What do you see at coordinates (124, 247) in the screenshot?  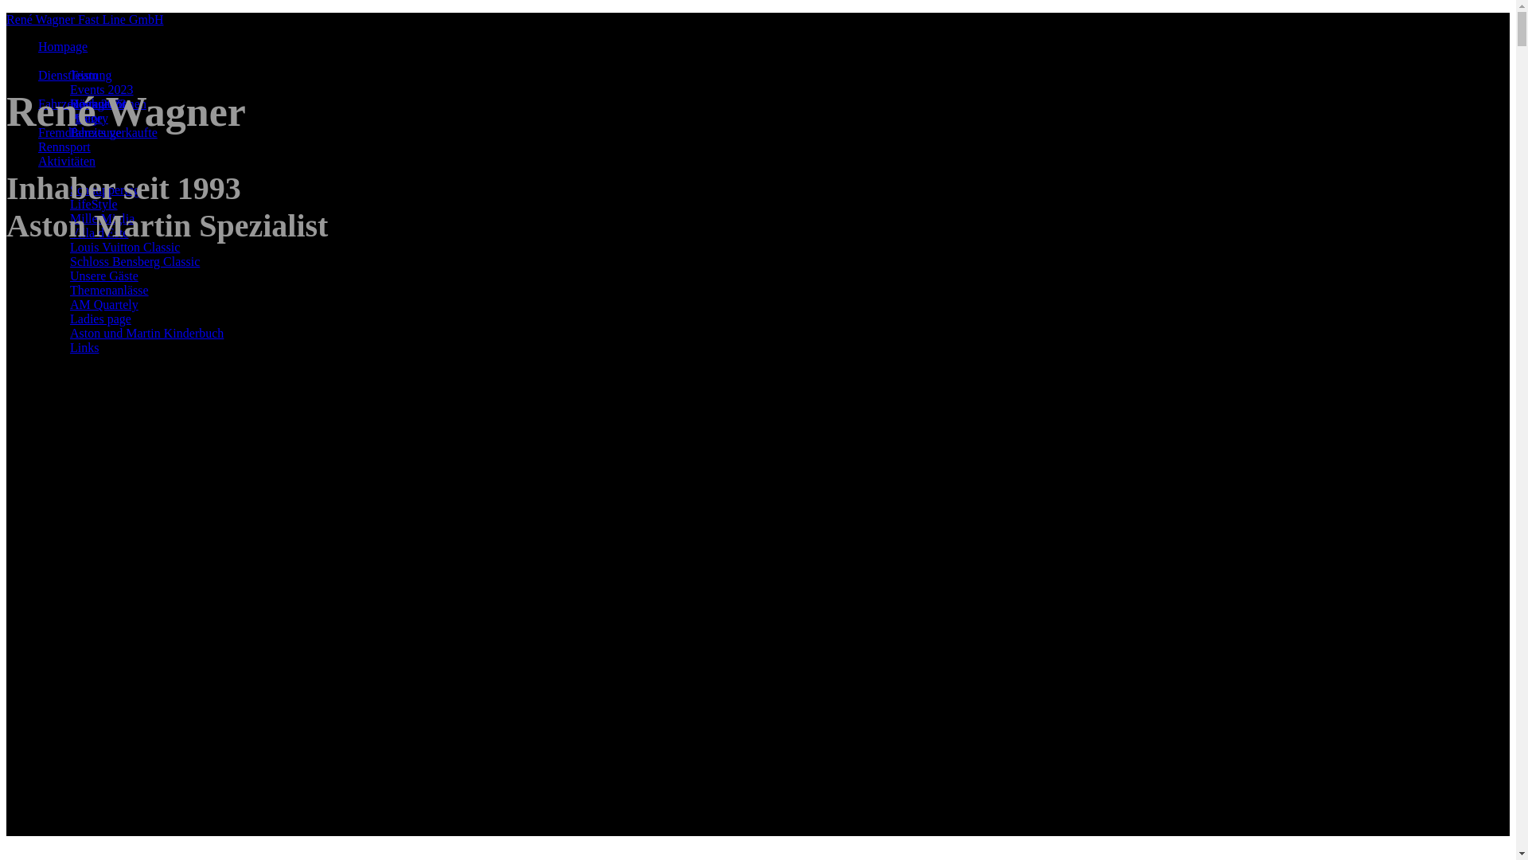 I see `'Louis Vuitton Classic'` at bounding box center [124, 247].